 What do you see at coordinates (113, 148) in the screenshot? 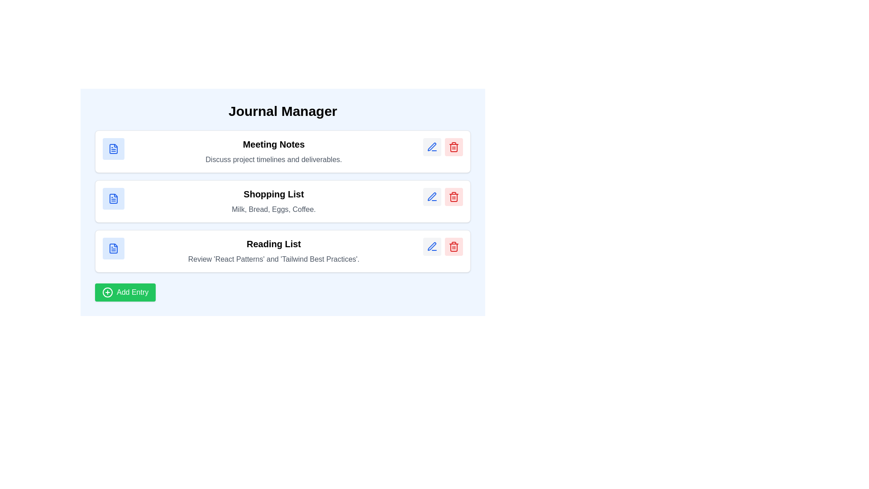
I see `the blue document icon labeled 'Meeting Notes' located on the left side of the first row under the 'Journal Manager' heading by clicking on it` at bounding box center [113, 148].